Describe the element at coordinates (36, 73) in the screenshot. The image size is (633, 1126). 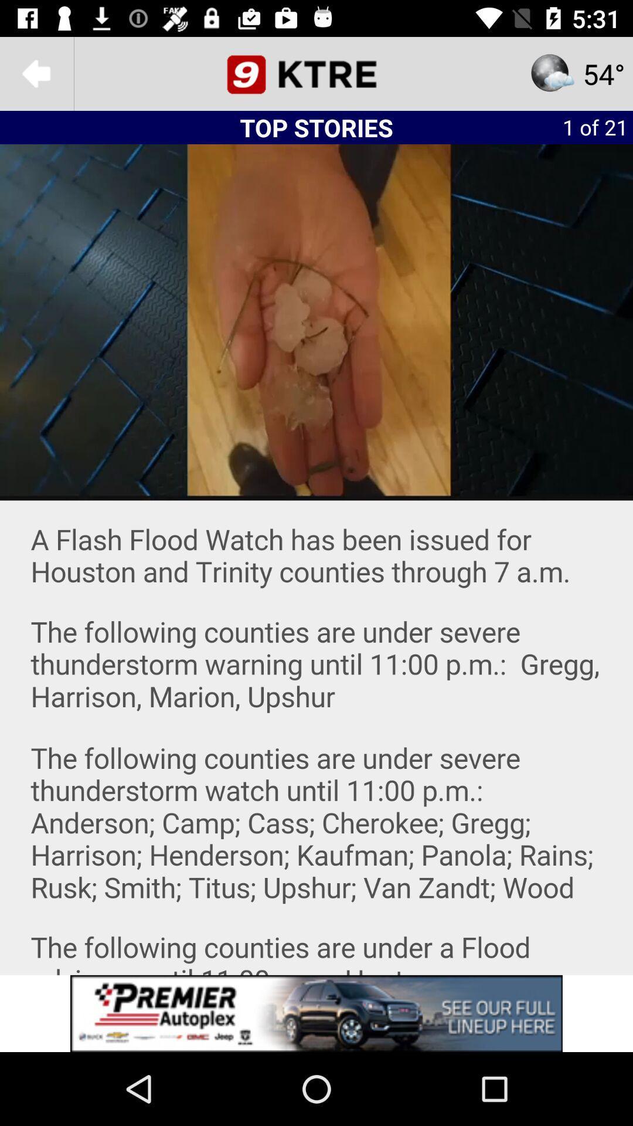
I see `the arrow_backward icon` at that location.